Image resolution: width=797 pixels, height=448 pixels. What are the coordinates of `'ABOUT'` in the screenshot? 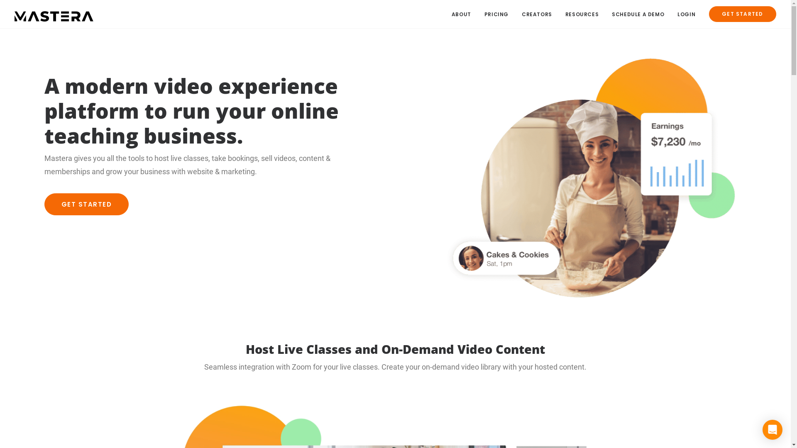 It's located at (451, 14).